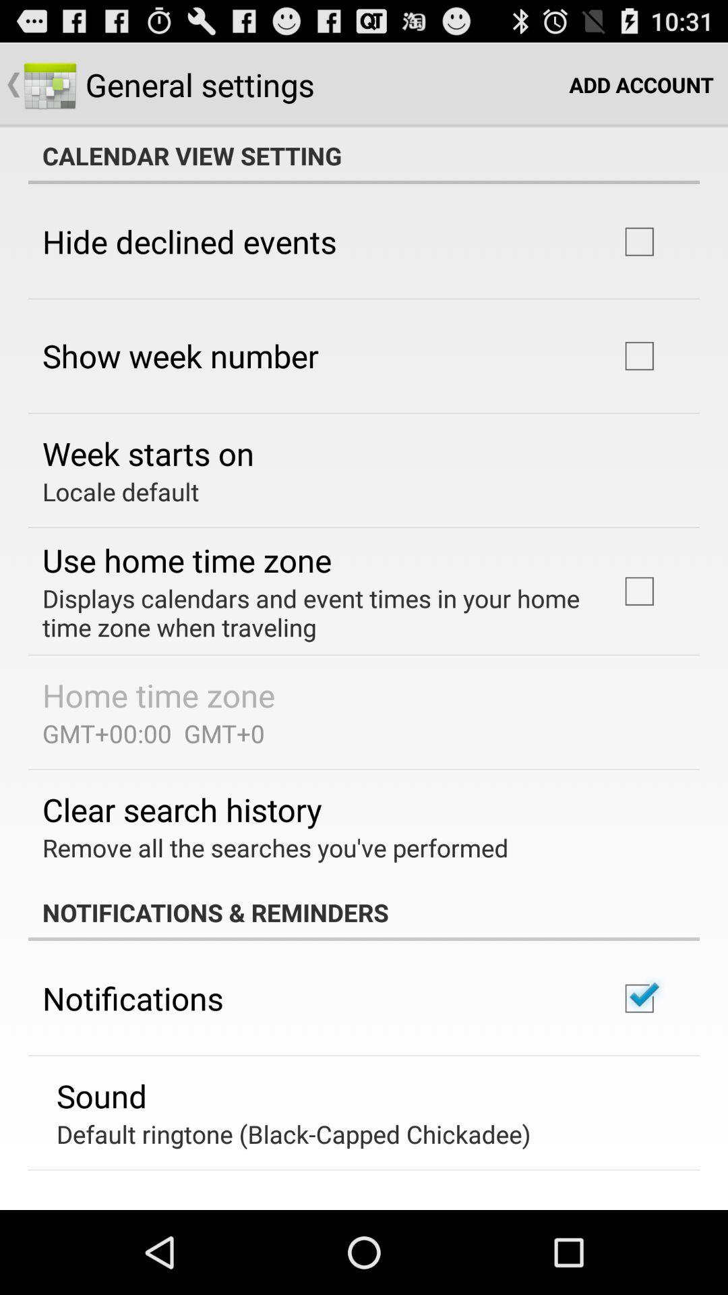  I want to click on the item above show week number, so click(189, 241).